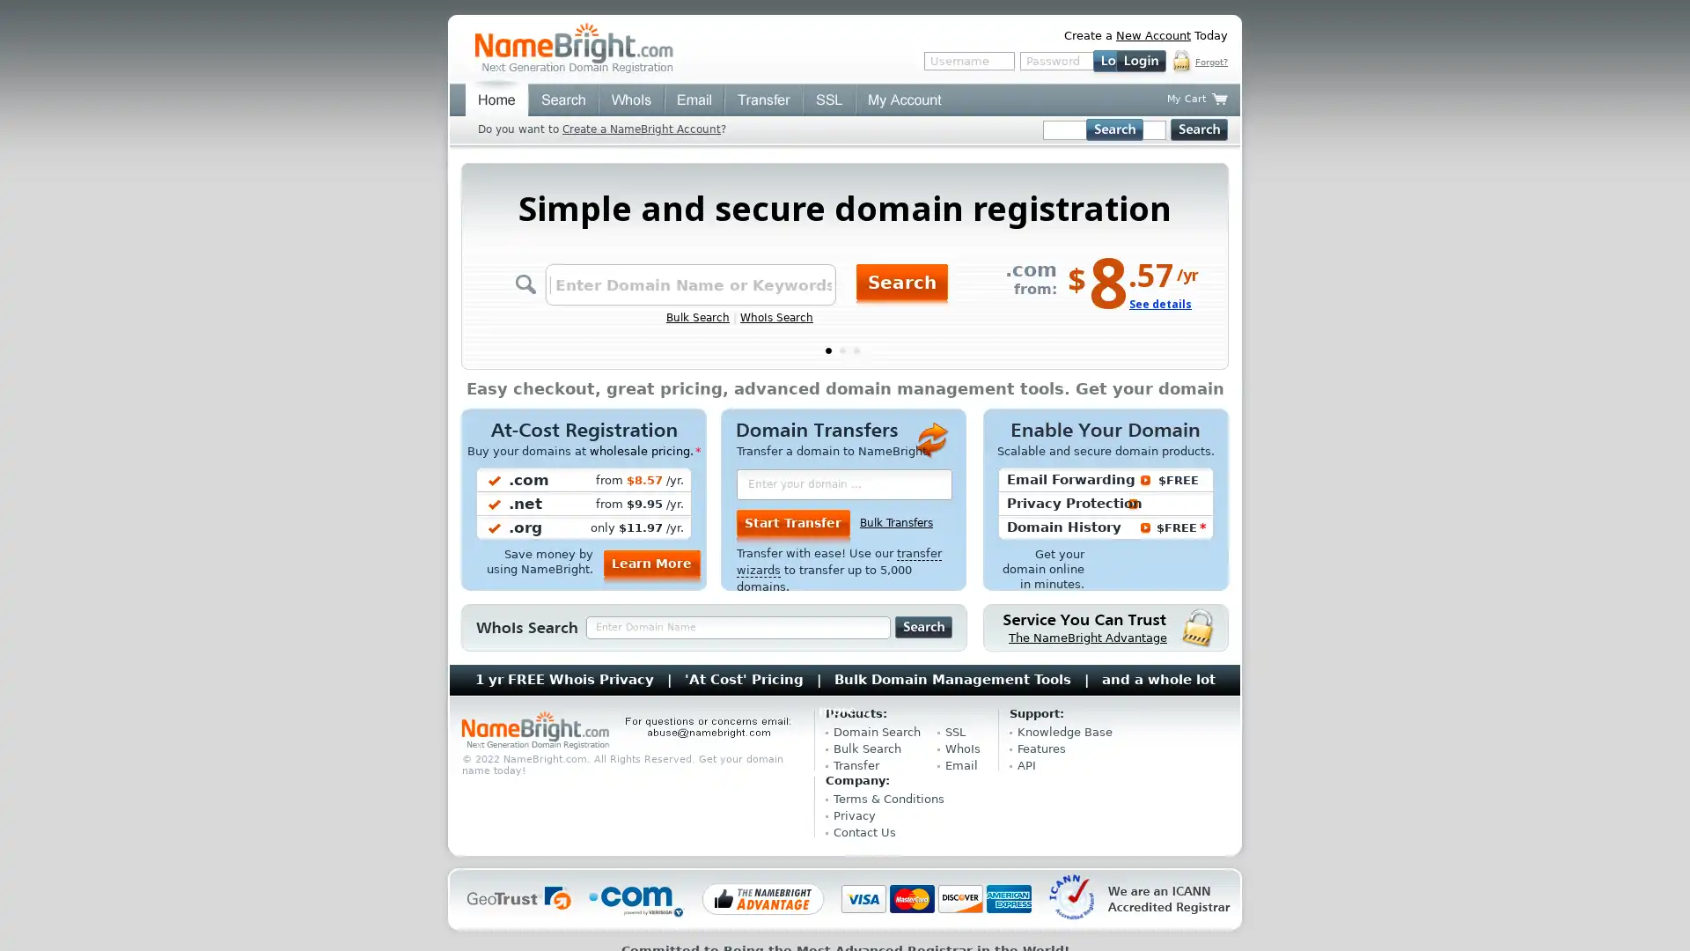  Describe the element at coordinates (902, 284) in the screenshot. I see `Search` at that location.